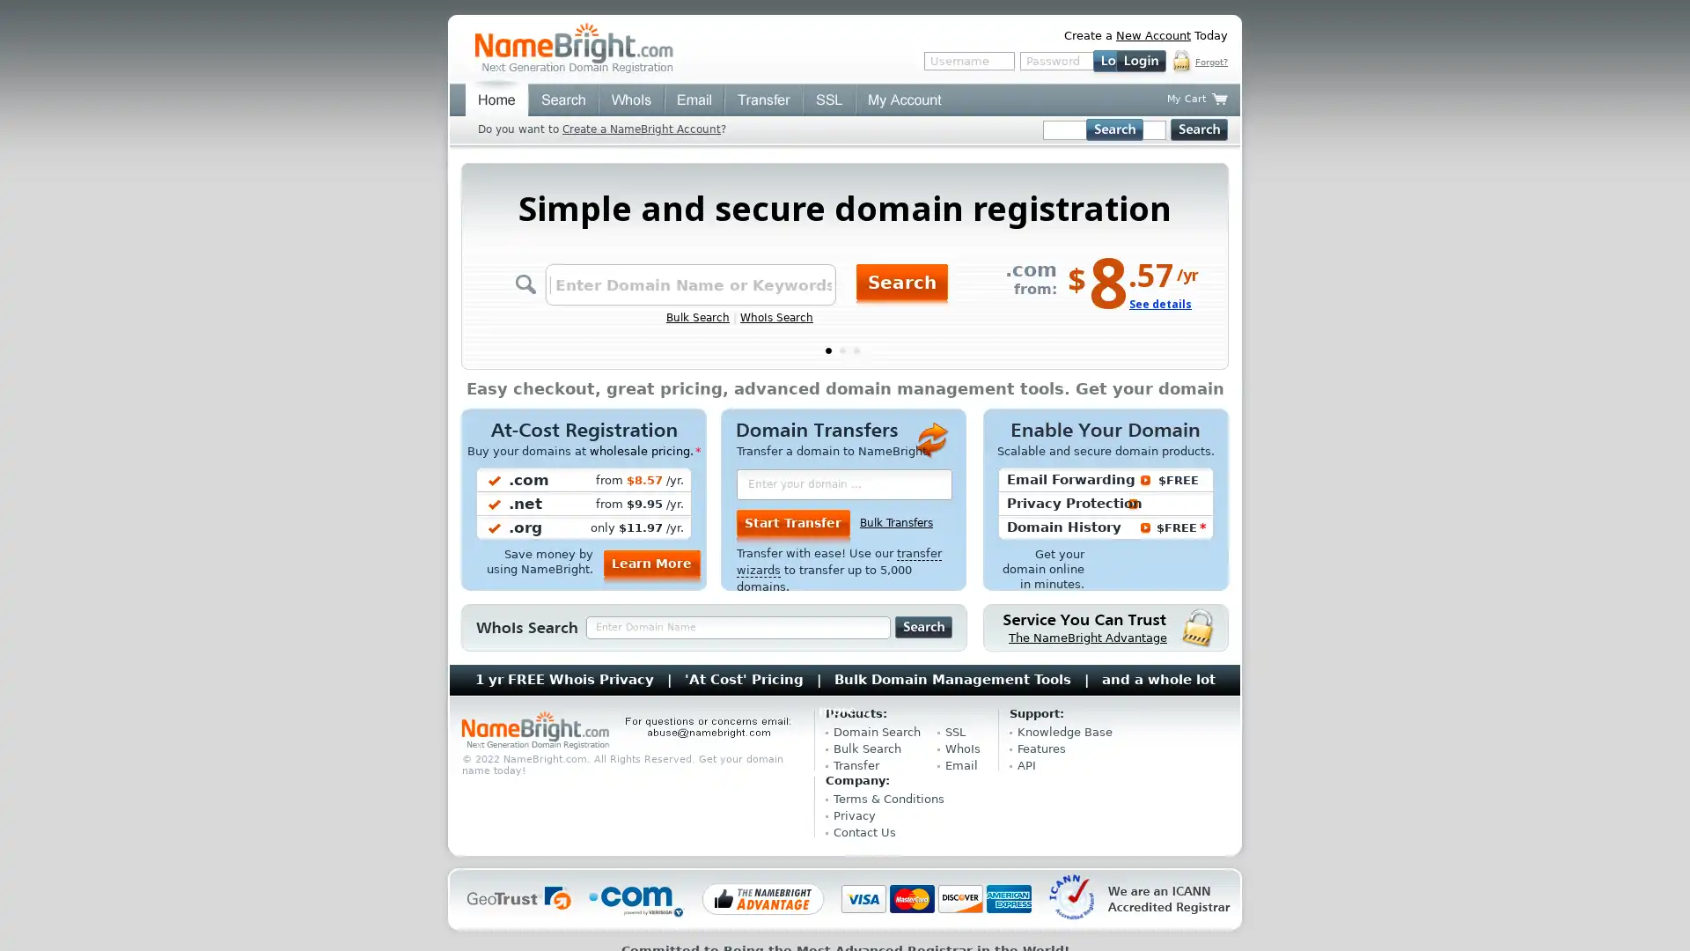  Describe the element at coordinates (902, 284) in the screenshot. I see `Search` at that location.